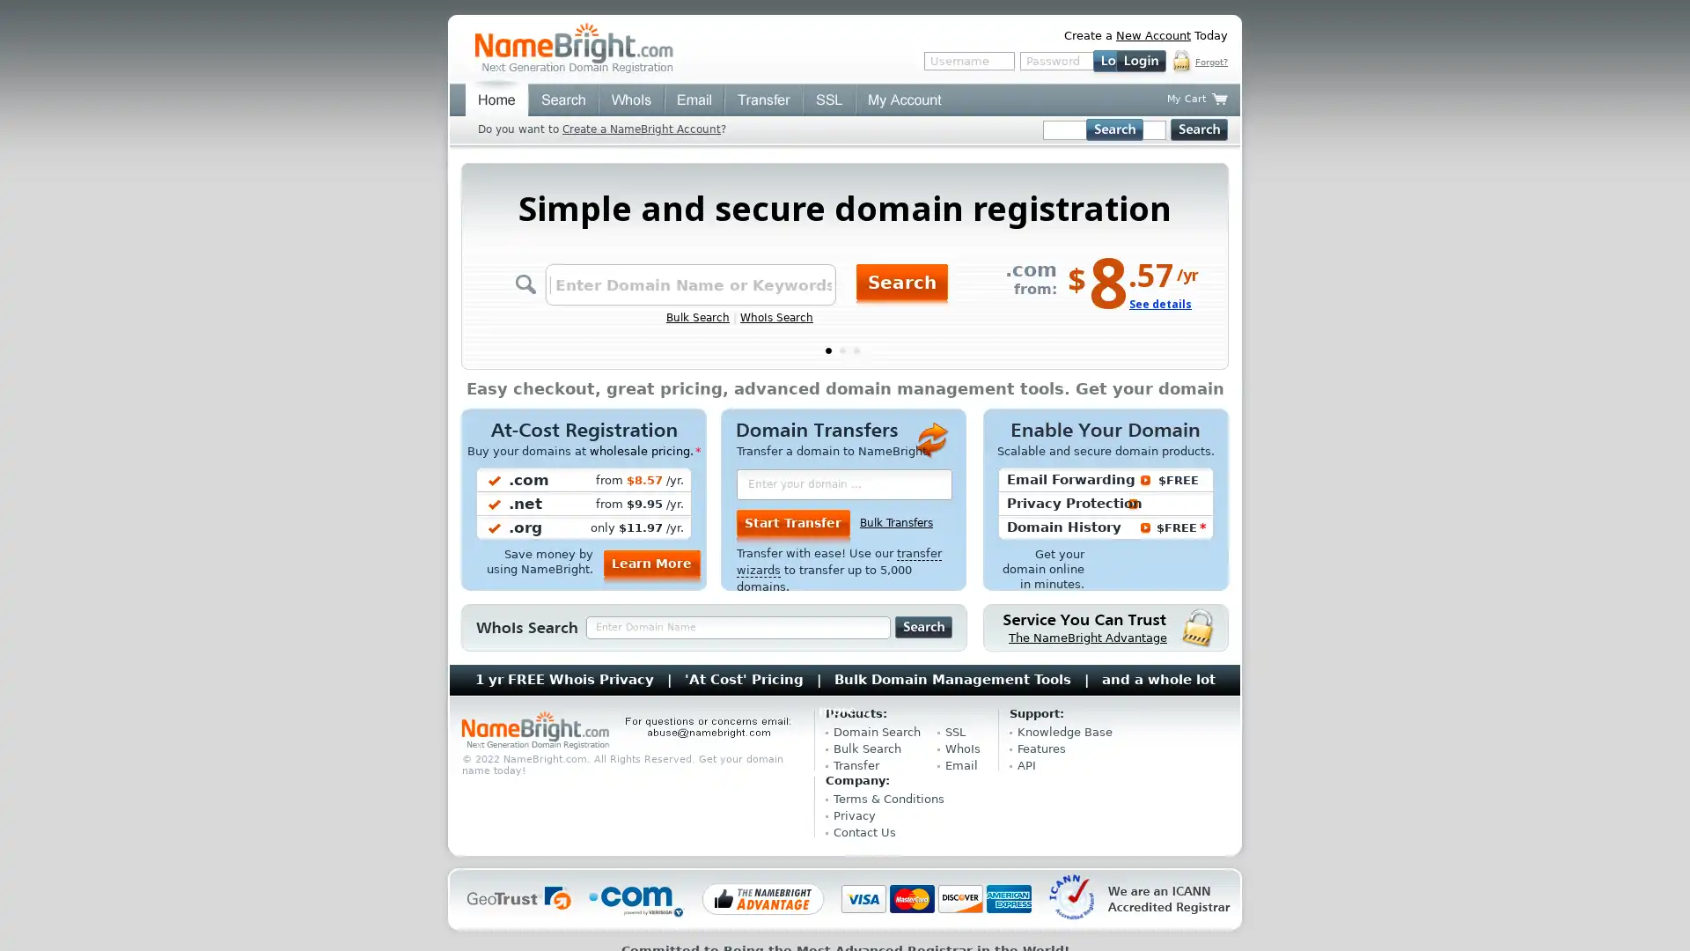  Describe the element at coordinates (902, 284) in the screenshot. I see `Search` at that location.